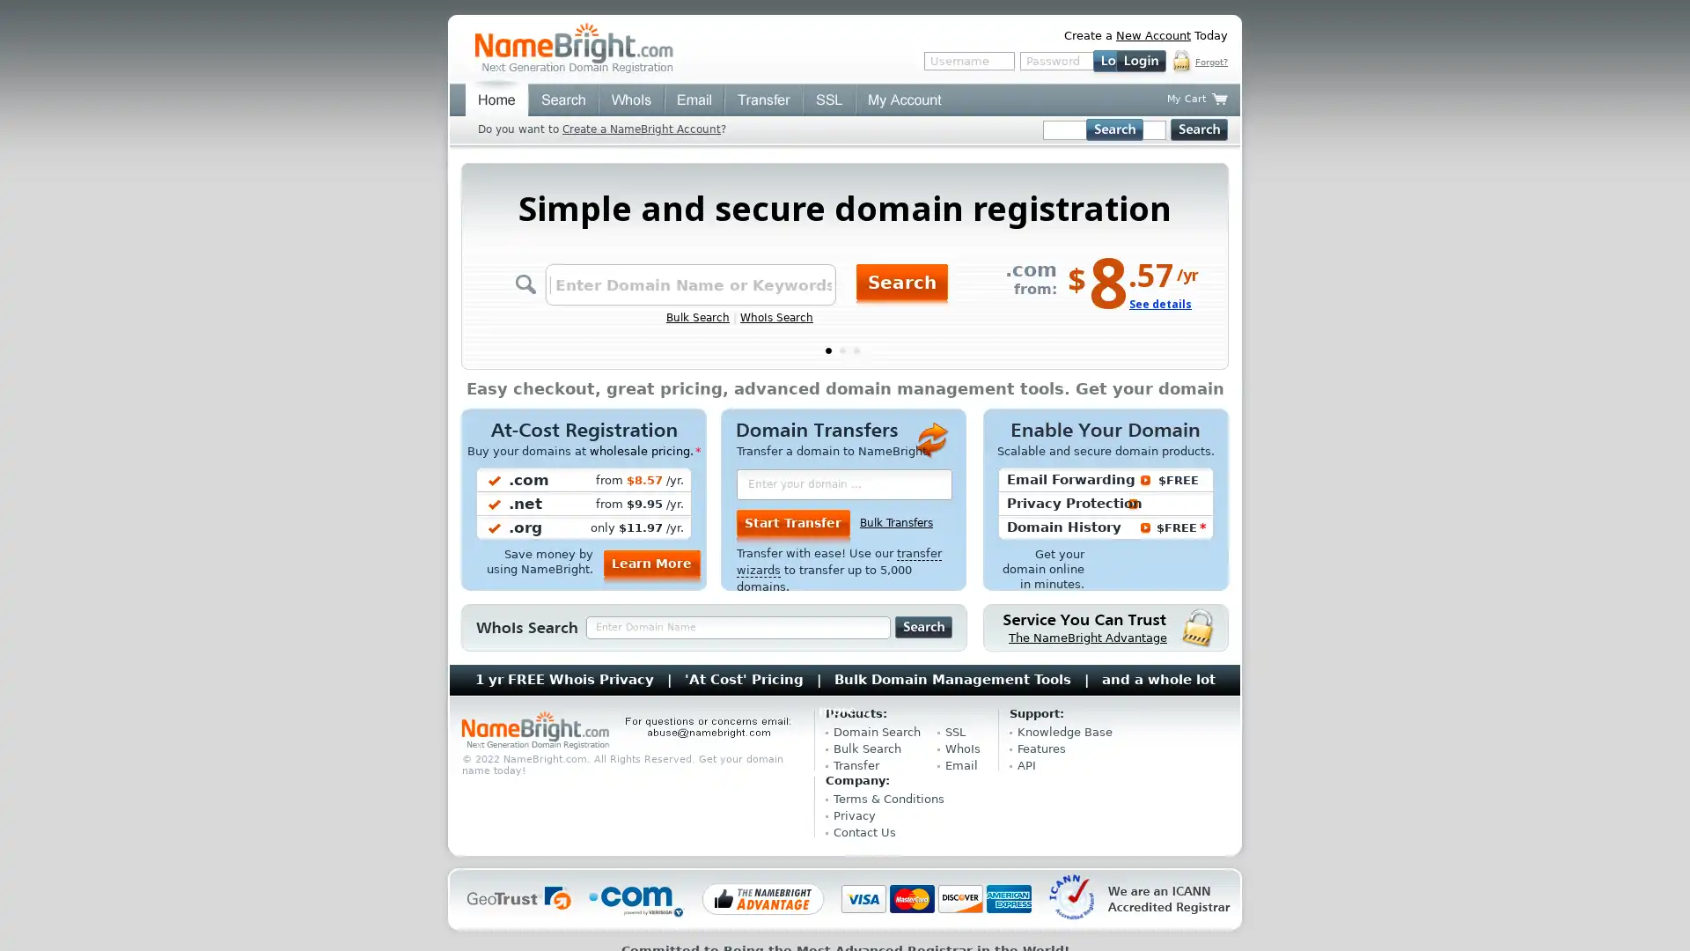  Describe the element at coordinates (902, 284) in the screenshot. I see `Search` at that location.